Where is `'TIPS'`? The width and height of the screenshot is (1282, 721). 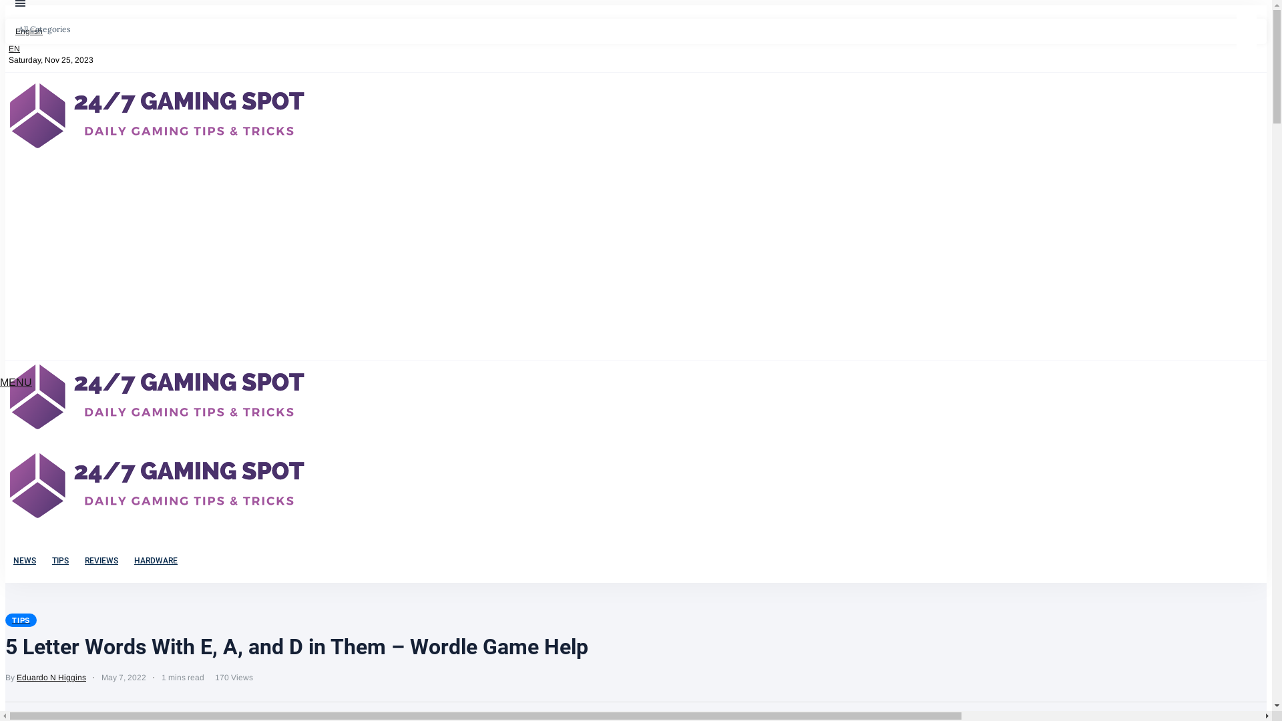 'TIPS' is located at coordinates (21, 620).